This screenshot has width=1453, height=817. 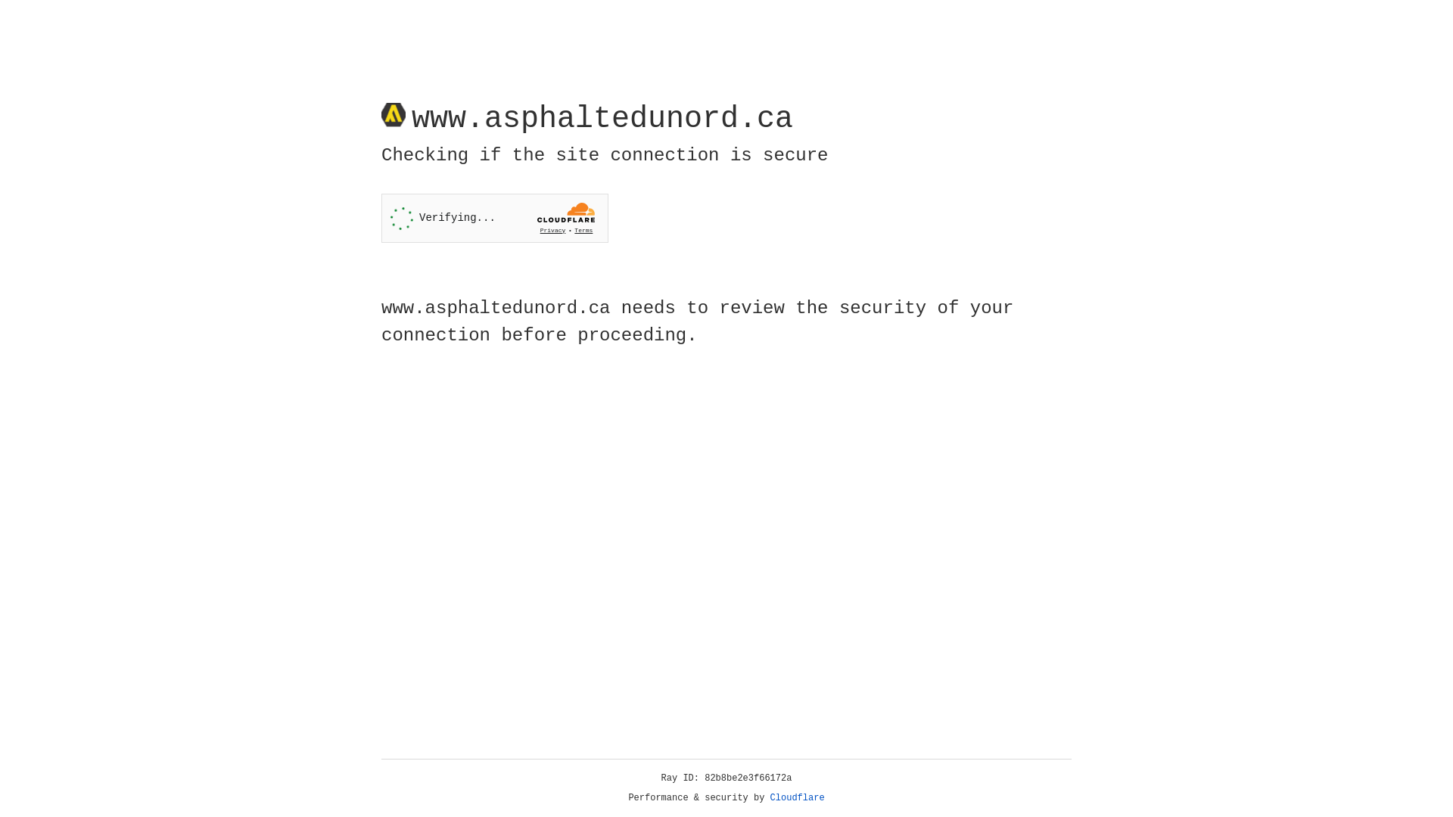 I want to click on 'Cloudflare', so click(x=797, y=797).